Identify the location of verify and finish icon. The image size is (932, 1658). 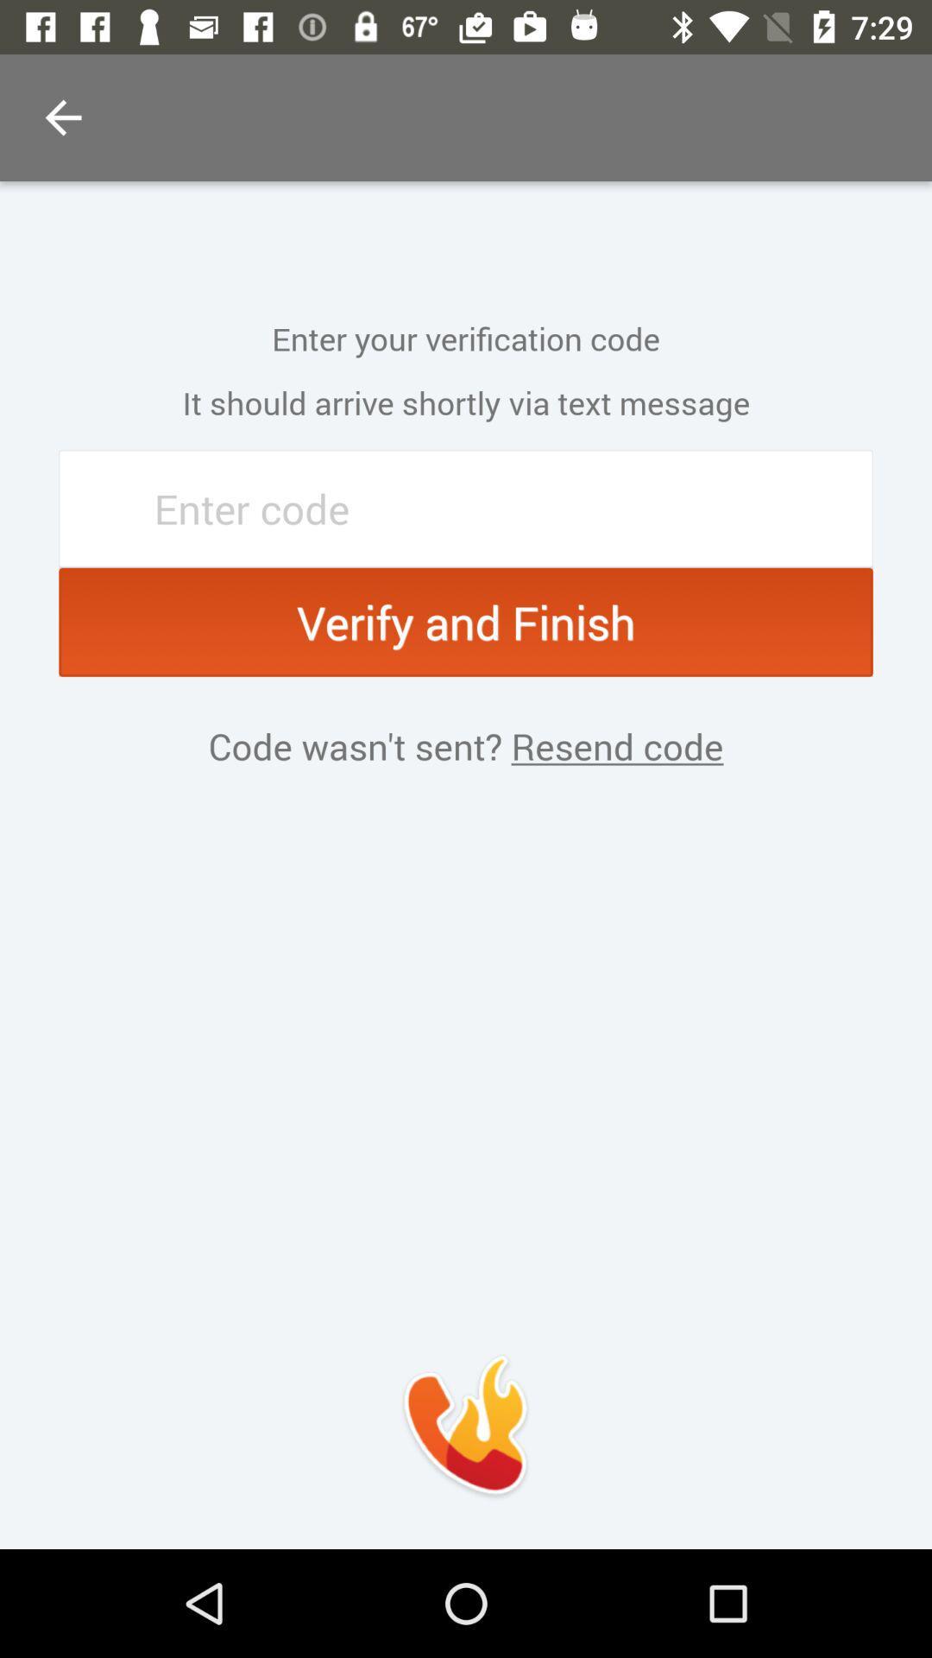
(466, 622).